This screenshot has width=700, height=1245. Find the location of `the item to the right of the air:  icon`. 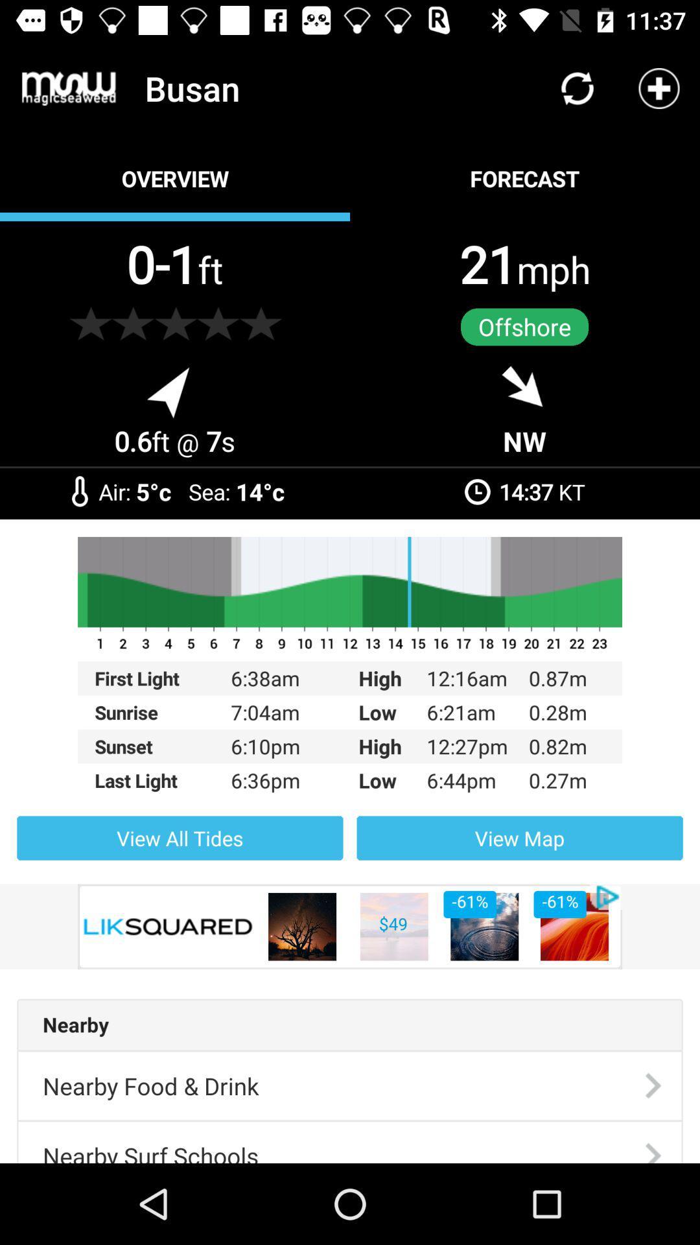

the item to the right of the air:  icon is located at coordinates (153, 491).